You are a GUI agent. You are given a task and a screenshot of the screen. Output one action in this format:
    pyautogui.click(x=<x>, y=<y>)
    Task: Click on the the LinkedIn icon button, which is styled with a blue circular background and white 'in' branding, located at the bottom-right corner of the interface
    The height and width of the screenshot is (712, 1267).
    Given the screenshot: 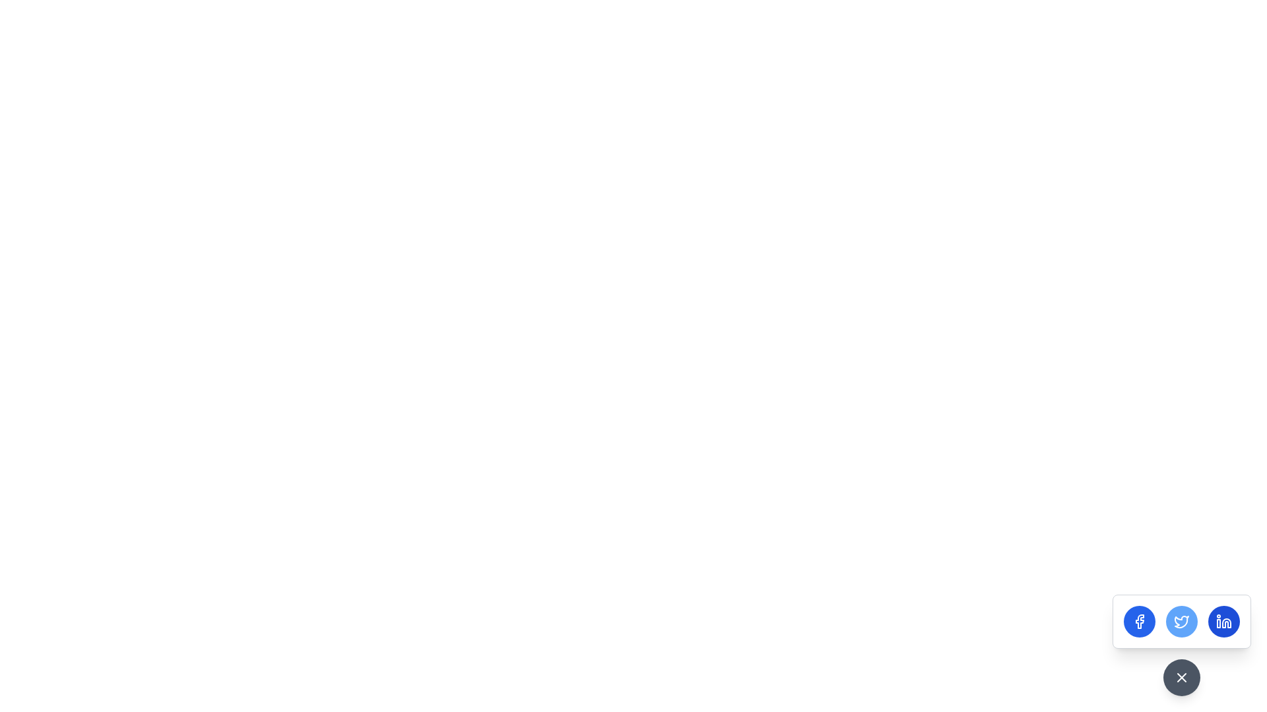 What is the action you would take?
    pyautogui.click(x=1223, y=621)
    